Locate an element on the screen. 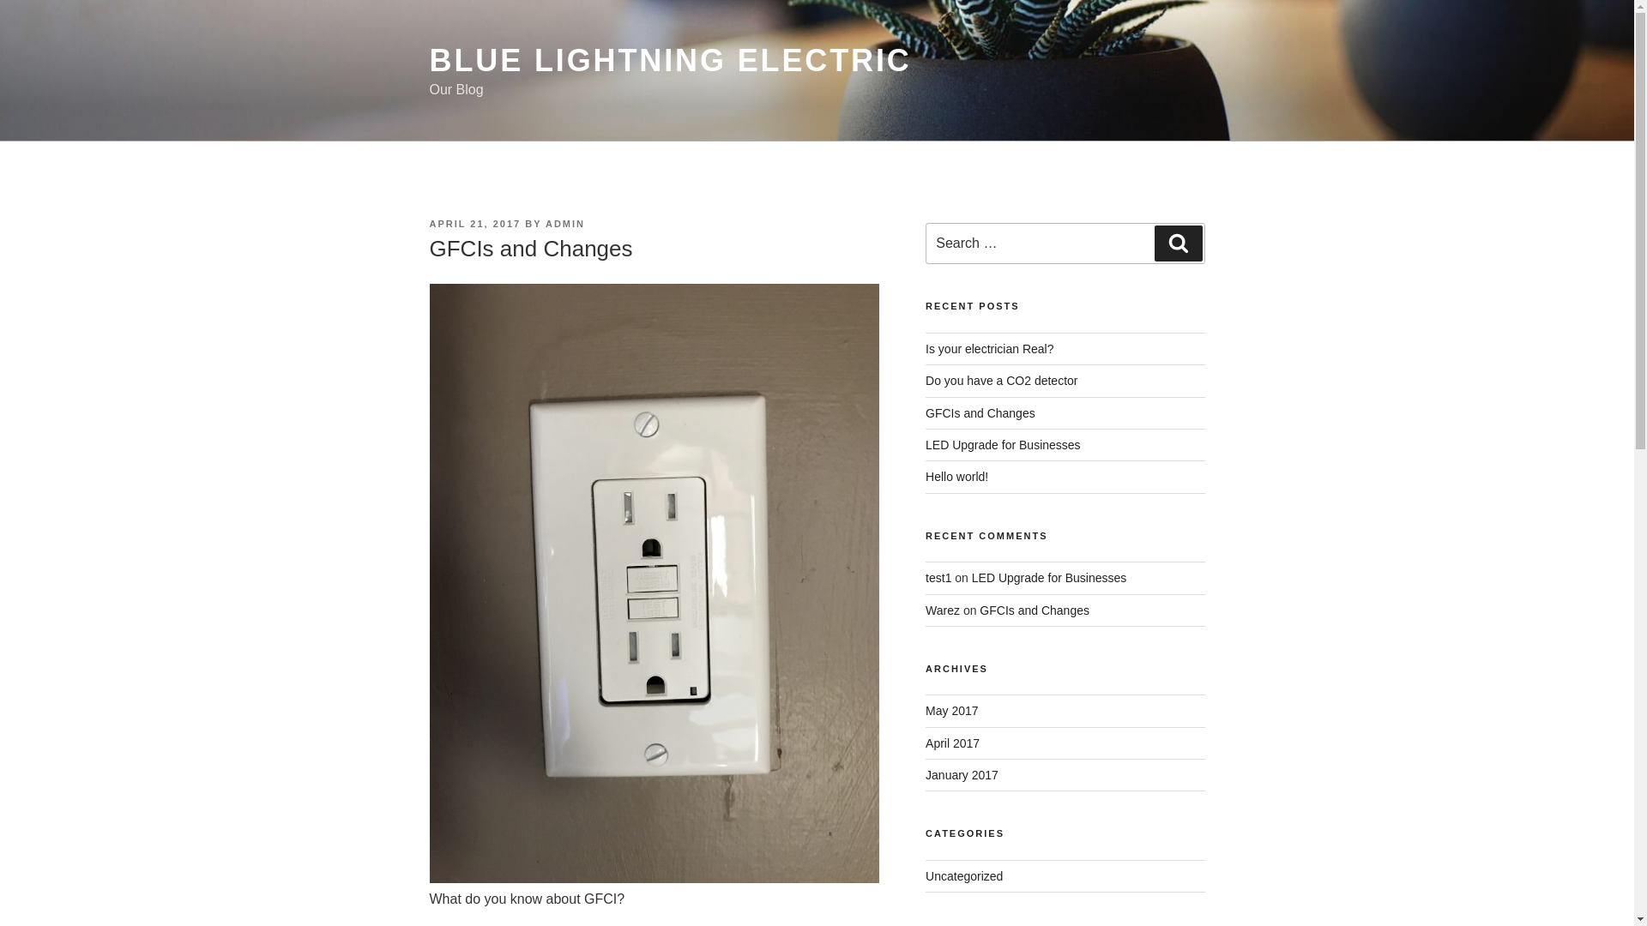 This screenshot has width=1647, height=926. 'January 2017' is located at coordinates (925, 774).